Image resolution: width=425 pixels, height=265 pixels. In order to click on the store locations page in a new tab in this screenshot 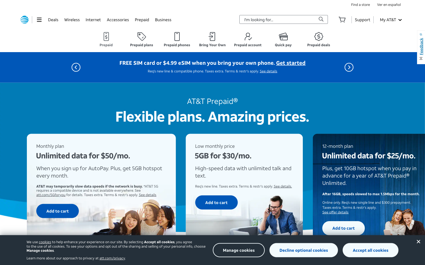, I will do `click(360, 4)`.